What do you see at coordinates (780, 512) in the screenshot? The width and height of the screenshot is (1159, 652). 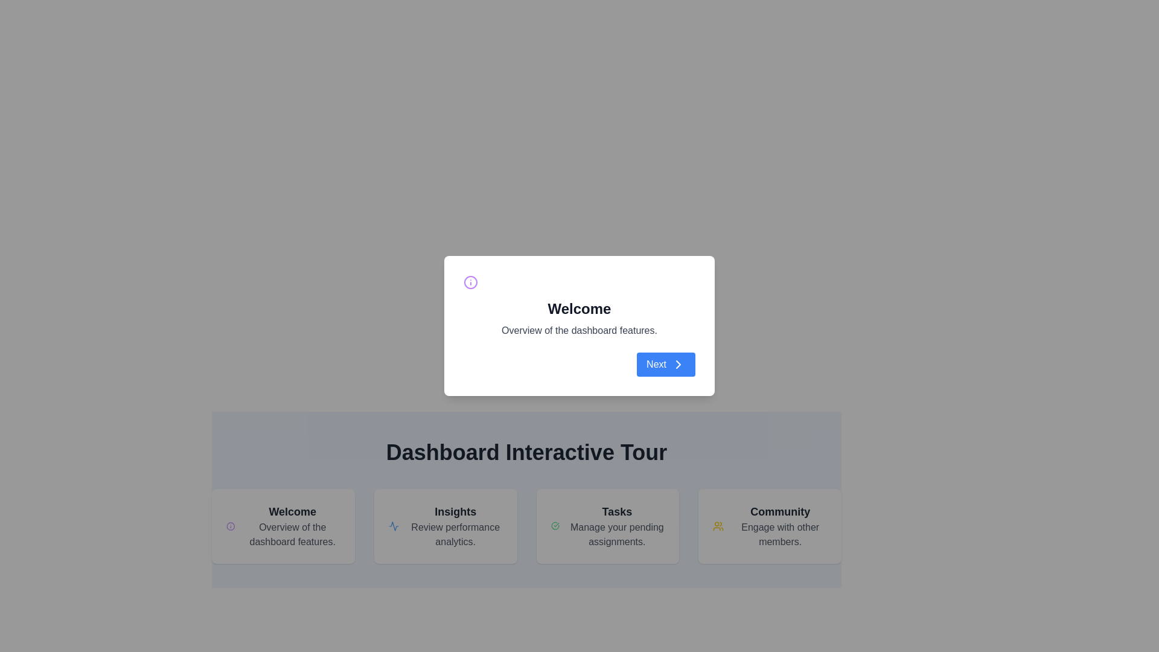 I see `the text label displaying 'Community', which is styled in bold with a larger font size and dark gray color, located on the far right side of the Dashboard Interactive Tour cards` at bounding box center [780, 512].